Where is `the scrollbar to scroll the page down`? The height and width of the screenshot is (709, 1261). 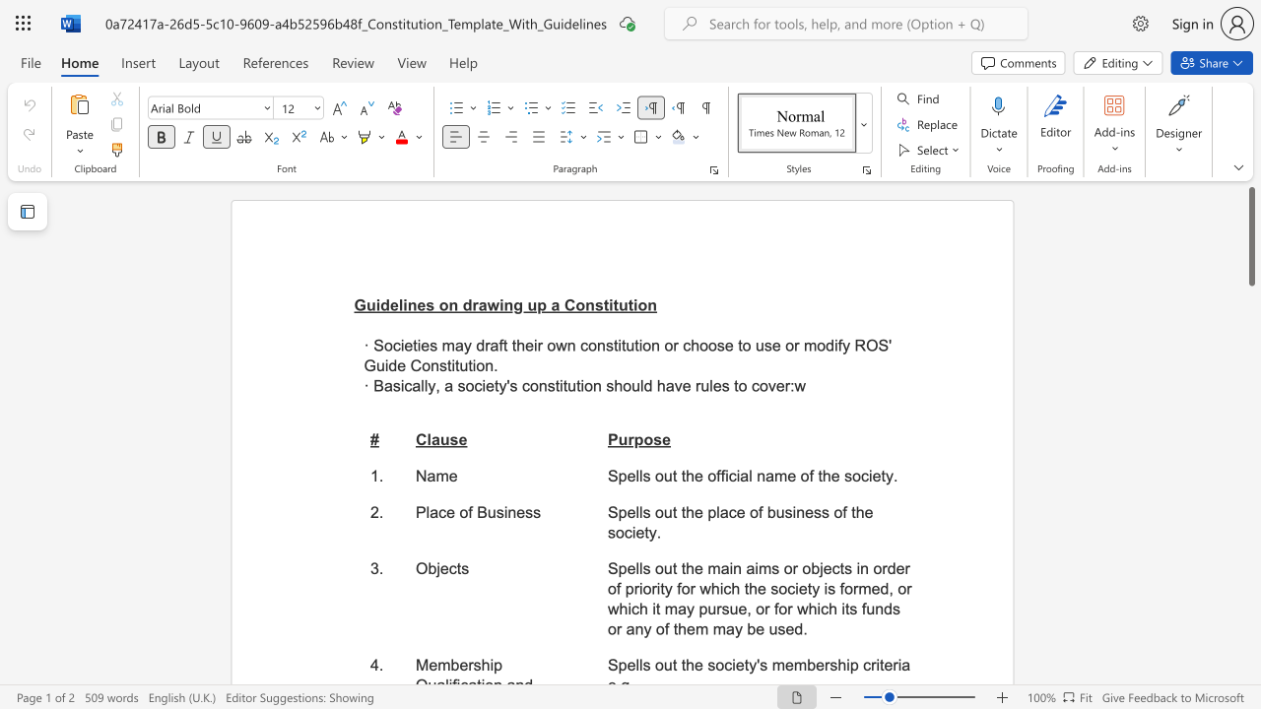 the scrollbar to scroll the page down is located at coordinates (1250, 305).